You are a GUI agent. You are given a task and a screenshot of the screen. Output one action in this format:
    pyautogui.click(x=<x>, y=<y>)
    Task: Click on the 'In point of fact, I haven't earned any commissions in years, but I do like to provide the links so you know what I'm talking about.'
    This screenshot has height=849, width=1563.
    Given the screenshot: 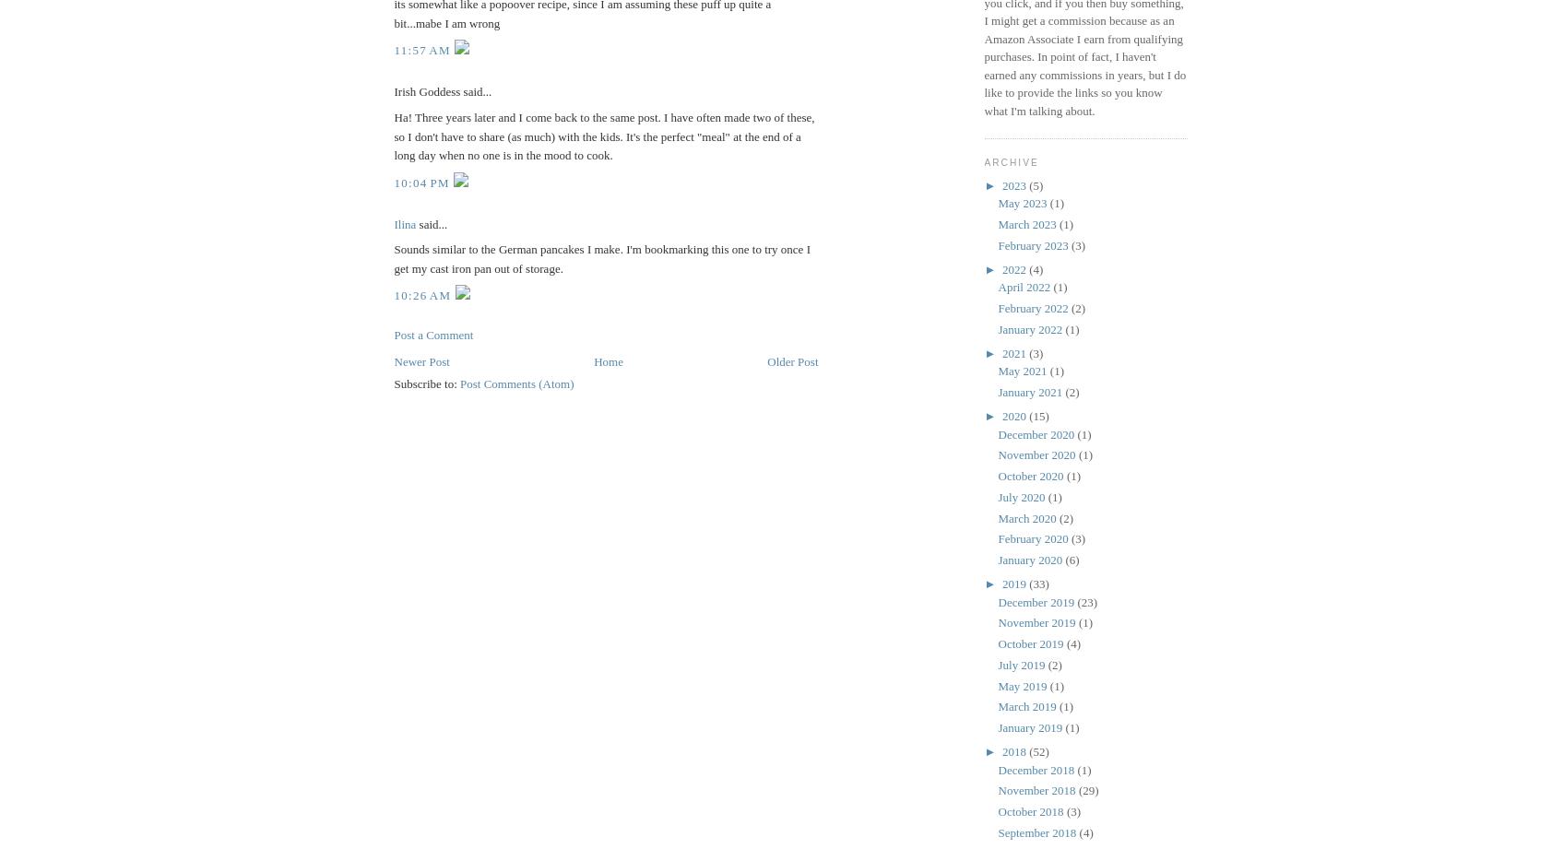 What is the action you would take?
    pyautogui.click(x=1084, y=83)
    